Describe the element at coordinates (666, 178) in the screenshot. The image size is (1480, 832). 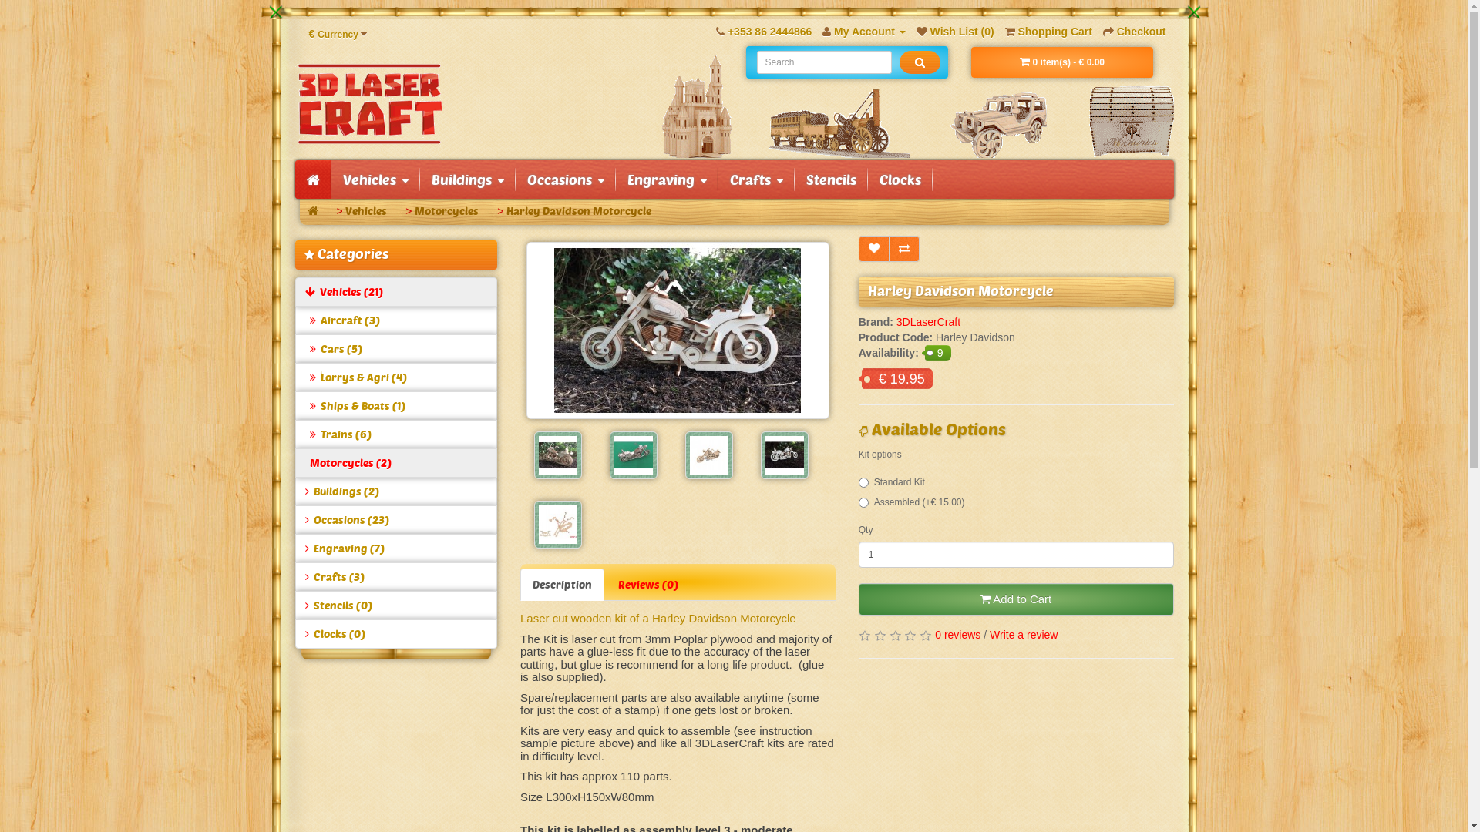
I see `'Engraving  '` at that location.